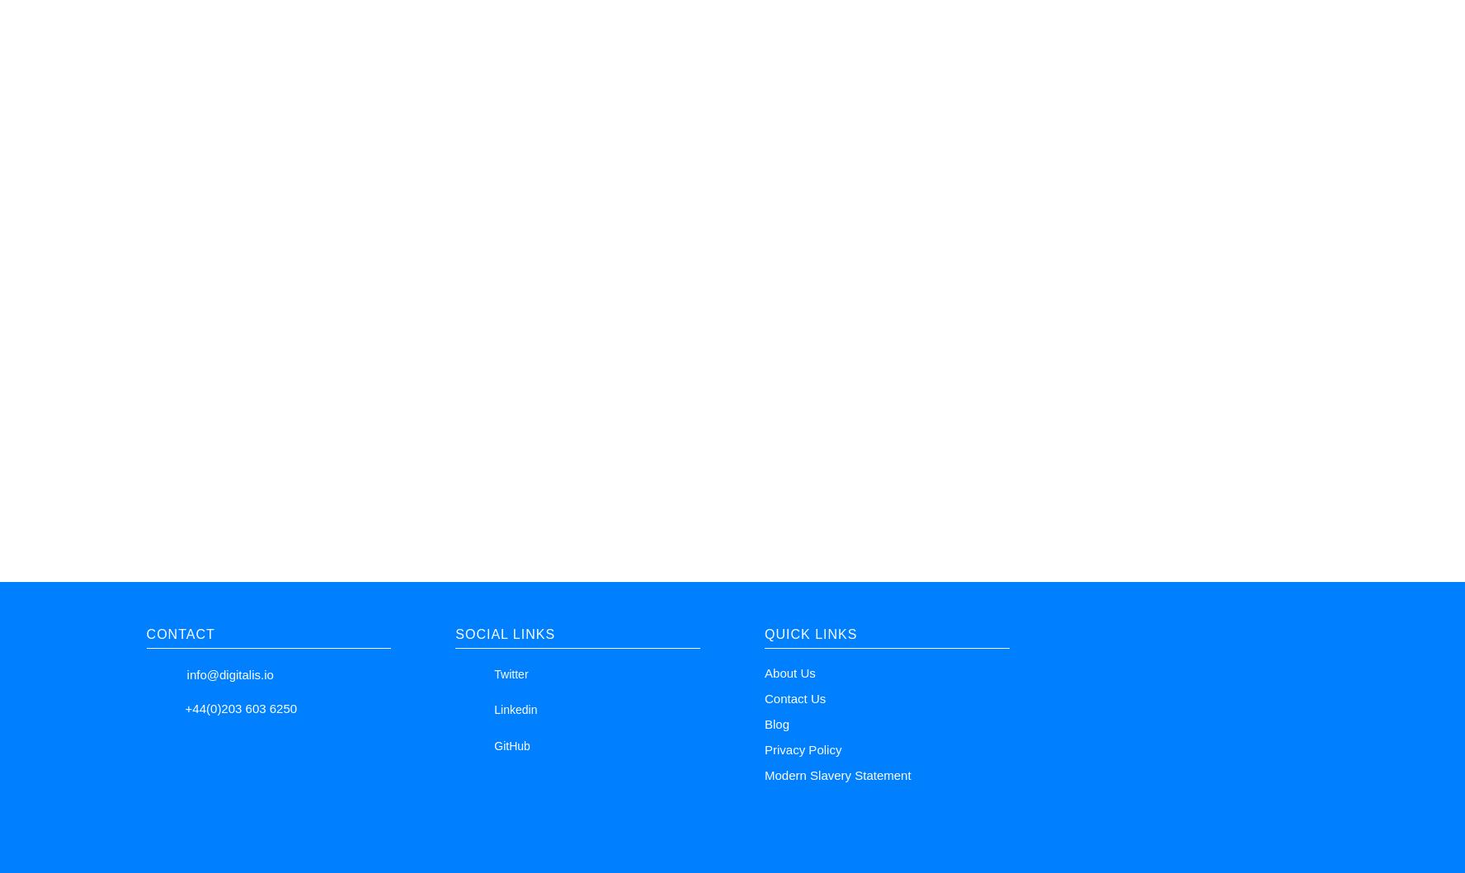 This screenshot has width=1465, height=873. Describe the element at coordinates (229, 673) in the screenshot. I see `'info@digitalis.io'` at that location.